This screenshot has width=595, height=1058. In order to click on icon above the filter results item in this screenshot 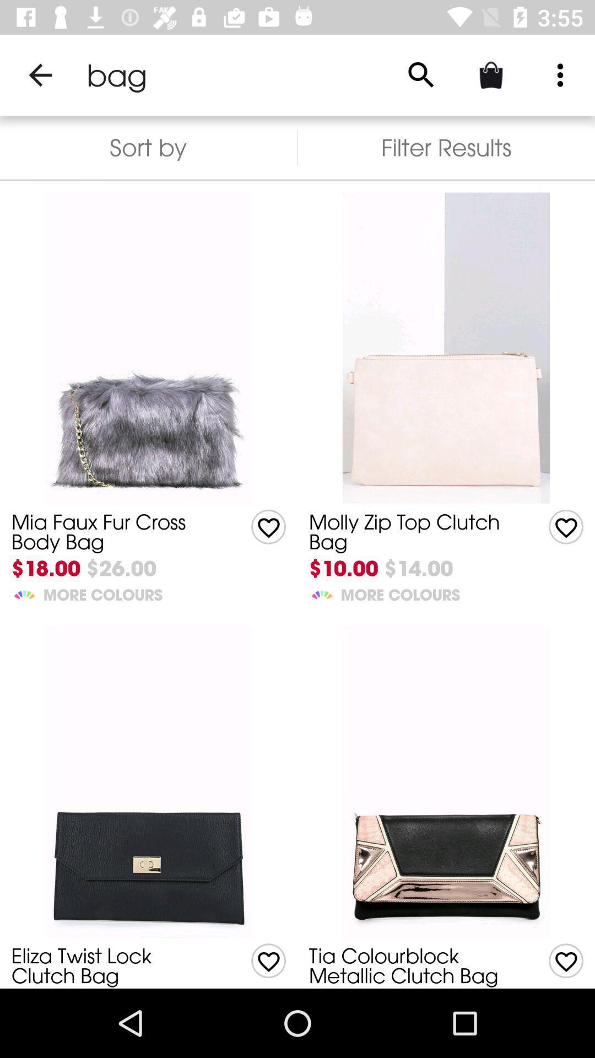, I will do `click(421, 74)`.